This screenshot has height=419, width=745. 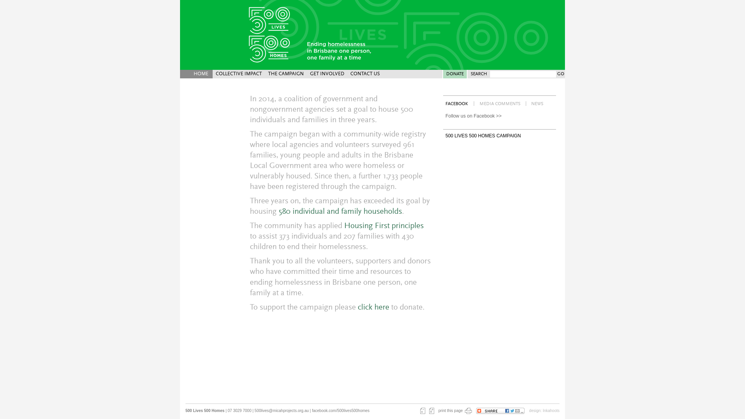 What do you see at coordinates (286, 74) in the screenshot?
I see `'THE CAMPAIGN'` at bounding box center [286, 74].